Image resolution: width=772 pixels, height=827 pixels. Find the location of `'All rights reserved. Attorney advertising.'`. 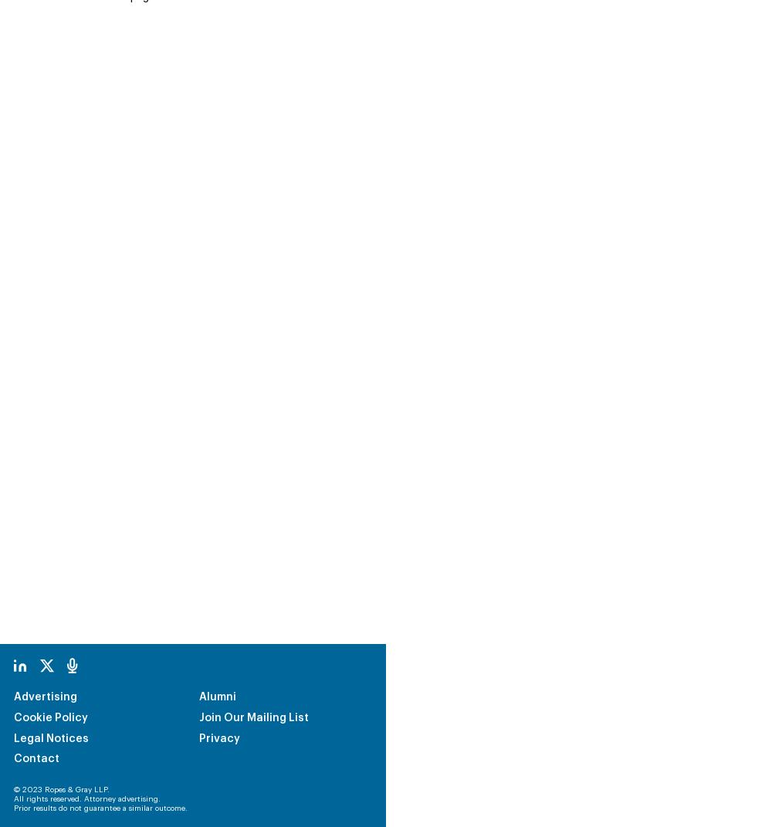

'All rights reserved. Attorney advertising.' is located at coordinates (86, 696).